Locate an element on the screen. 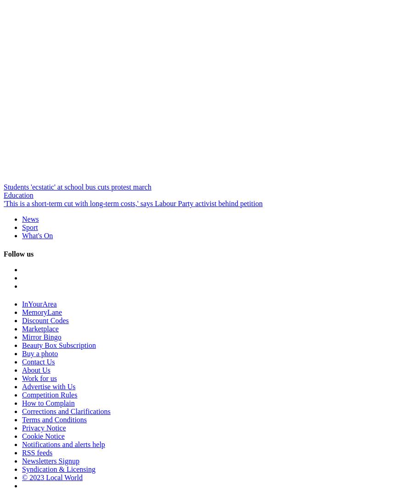 The width and height of the screenshot is (394, 492). 'Advertise with Us' is located at coordinates (48, 386).